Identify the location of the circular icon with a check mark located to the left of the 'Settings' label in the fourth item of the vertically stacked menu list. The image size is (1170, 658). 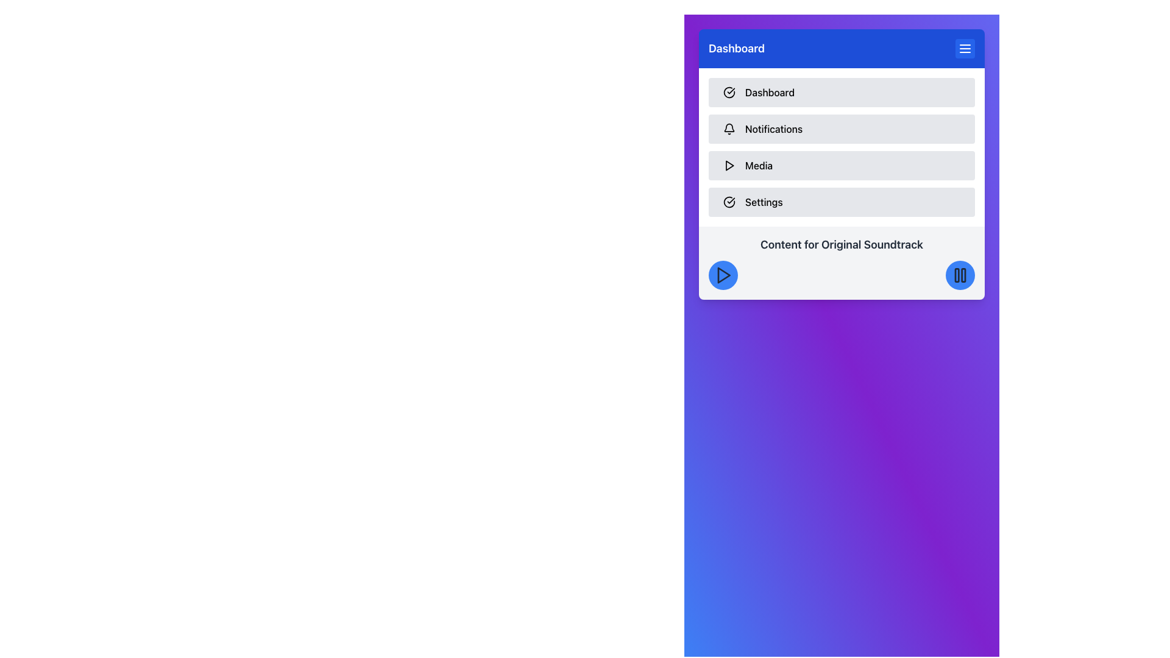
(729, 201).